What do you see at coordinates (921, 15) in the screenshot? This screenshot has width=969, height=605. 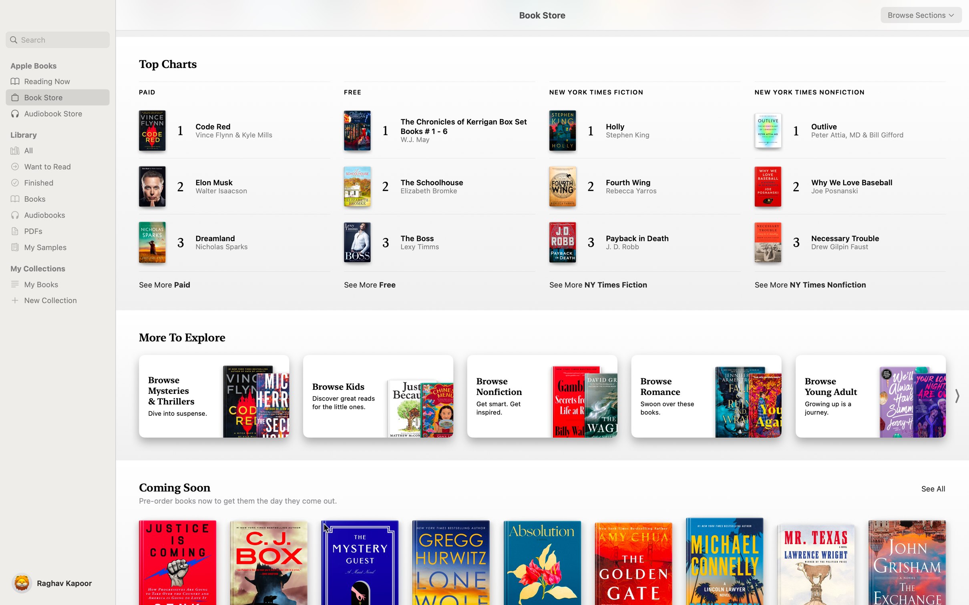 I see `Navigate and select "Romance" from the dropdown menu in the top right` at bounding box center [921, 15].